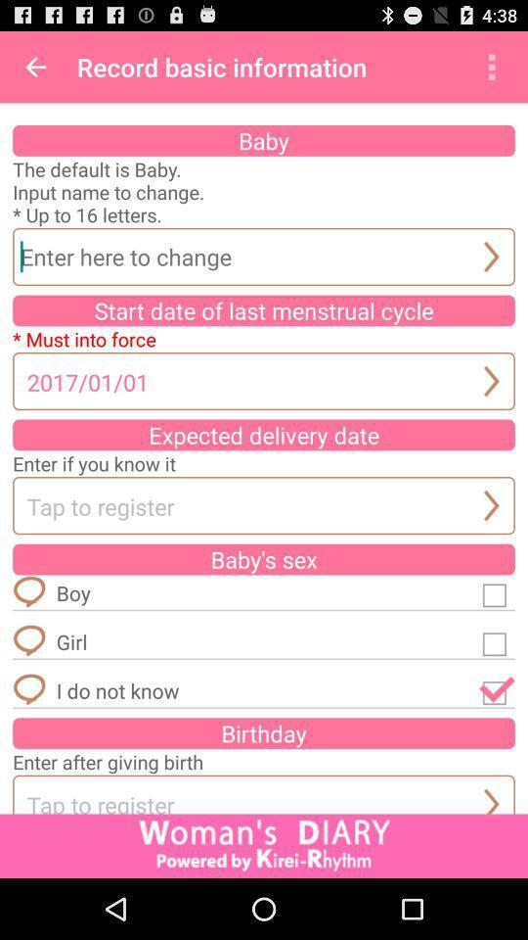  I want to click on app to the right of record basic information, so click(491, 67).